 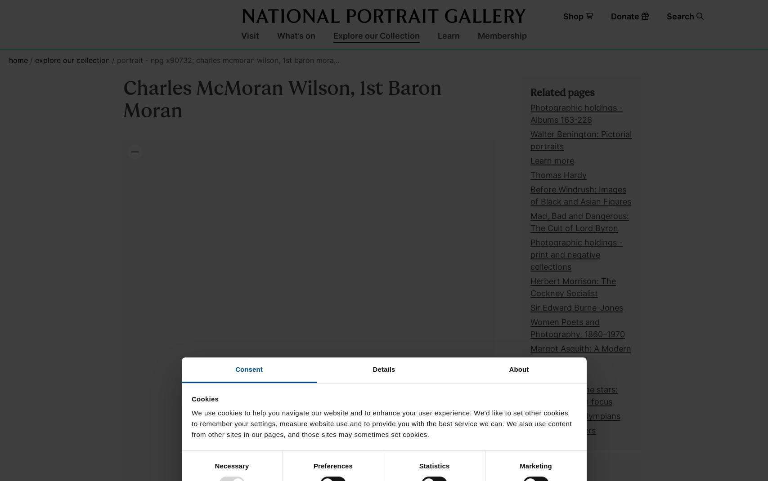 What do you see at coordinates (562, 15) in the screenshot?
I see `'Shop'` at bounding box center [562, 15].